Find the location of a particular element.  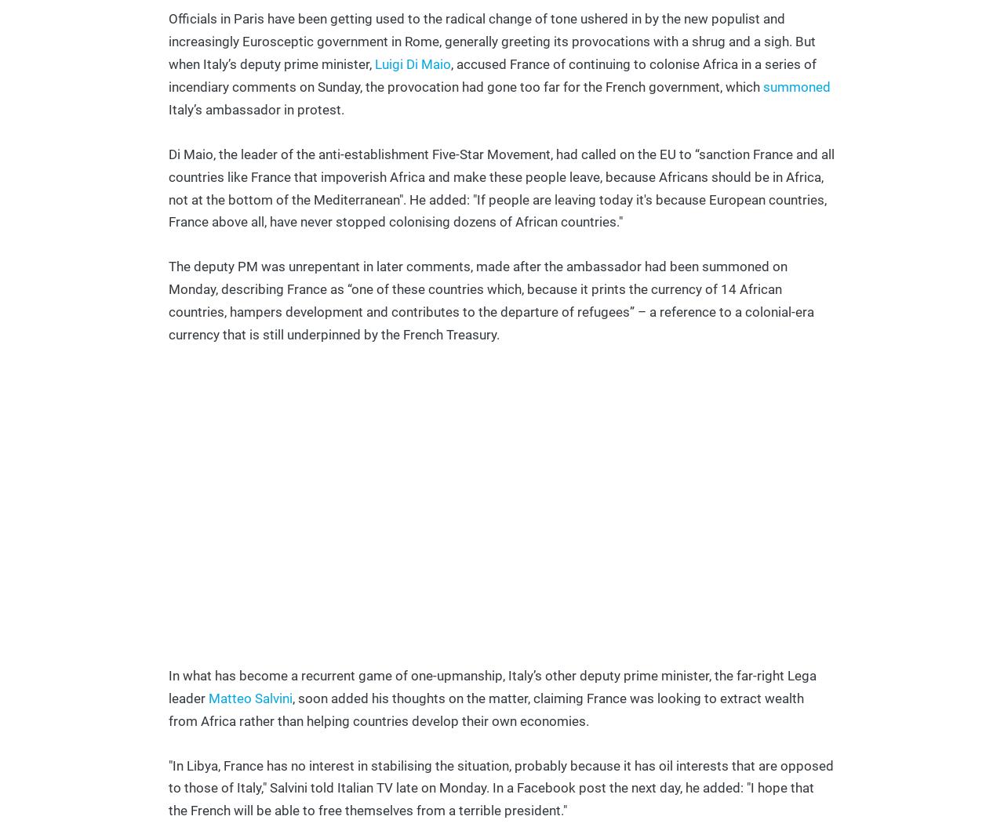

', accused France of continuing to colonise Africa in a series of incendiary comments on Sunday, the provocation had gone too far for the French government, which' is located at coordinates (169, 74).